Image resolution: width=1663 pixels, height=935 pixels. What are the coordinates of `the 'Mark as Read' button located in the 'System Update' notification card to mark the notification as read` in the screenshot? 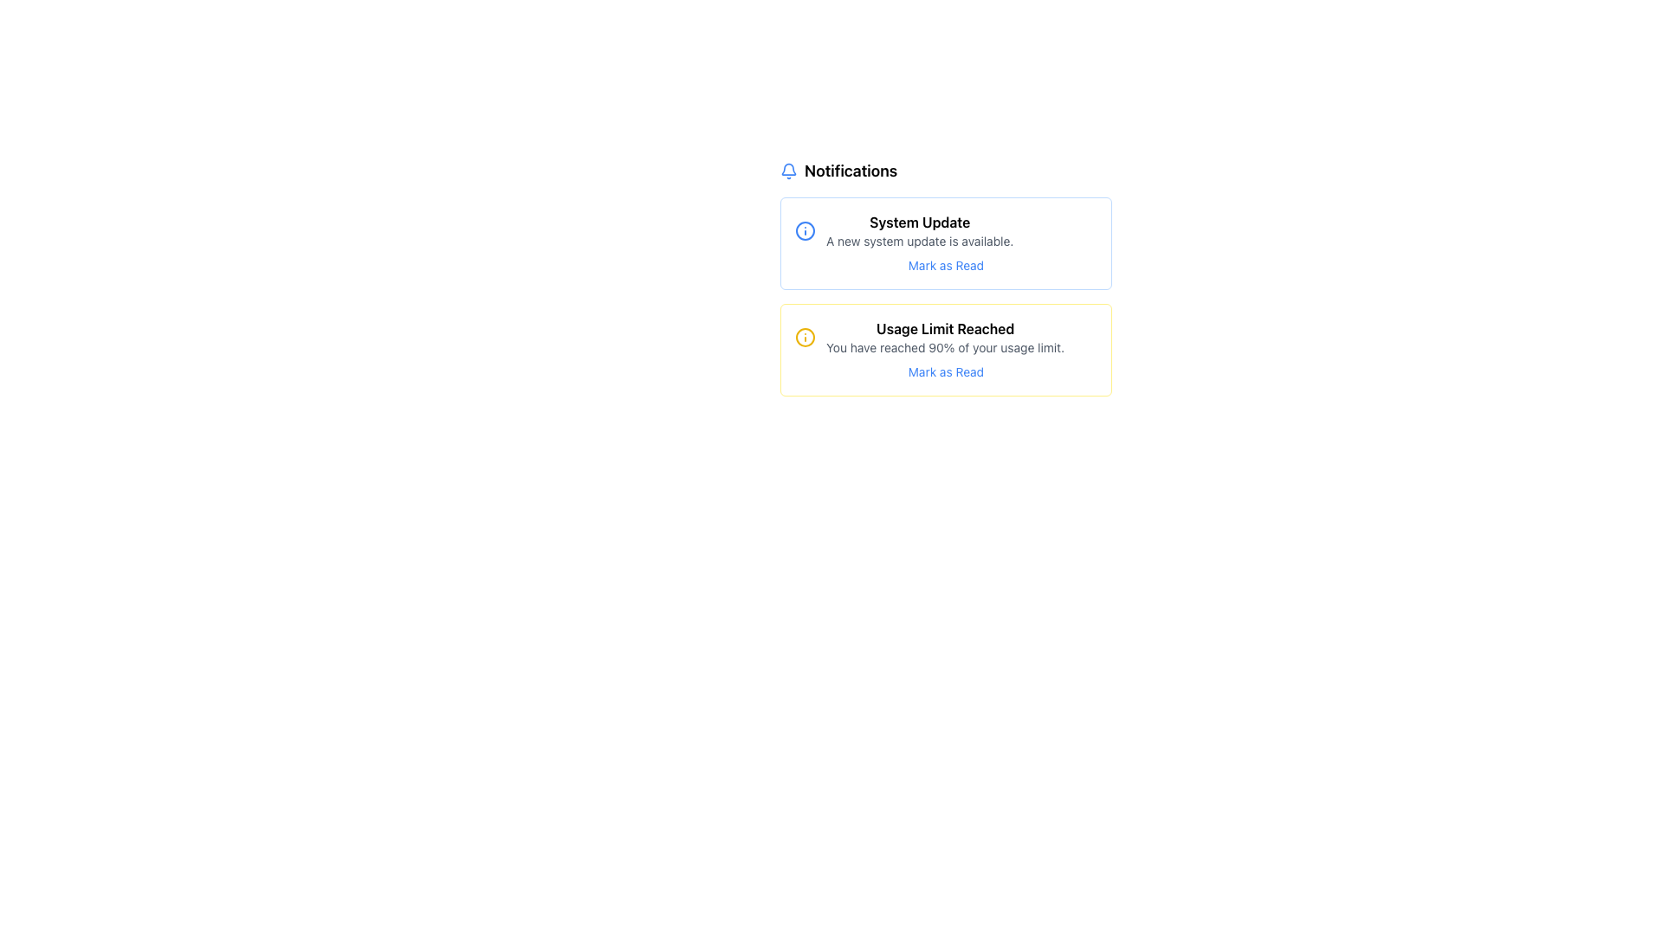 It's located at (945, 266).